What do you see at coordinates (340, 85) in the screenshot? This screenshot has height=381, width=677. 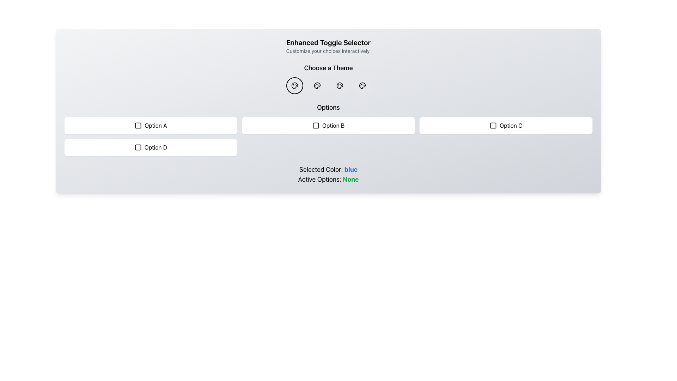 I see `the second theme selection icon in the 'Choose a Theme' section` at bounding box center [340, 85].